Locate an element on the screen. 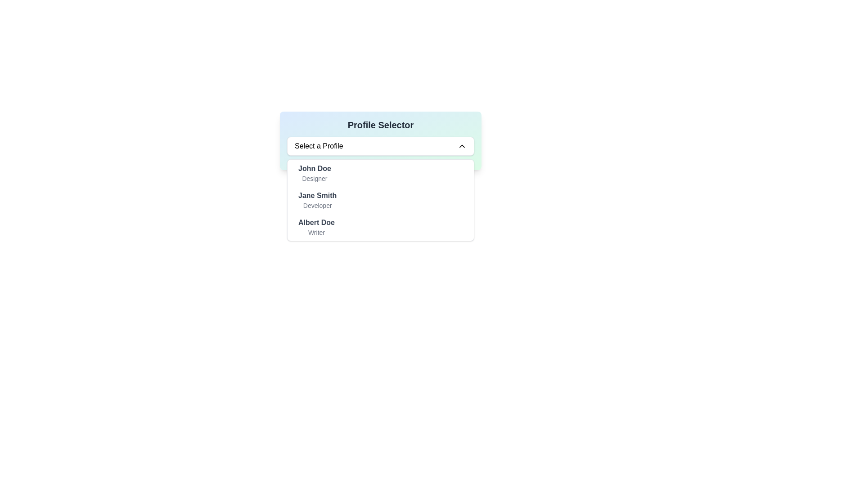 The height and width of the screenshot is (486, 864). the dropdown item displaying 'Jane Smith' with the label 'Developer' is located at coordinates (317, 199).